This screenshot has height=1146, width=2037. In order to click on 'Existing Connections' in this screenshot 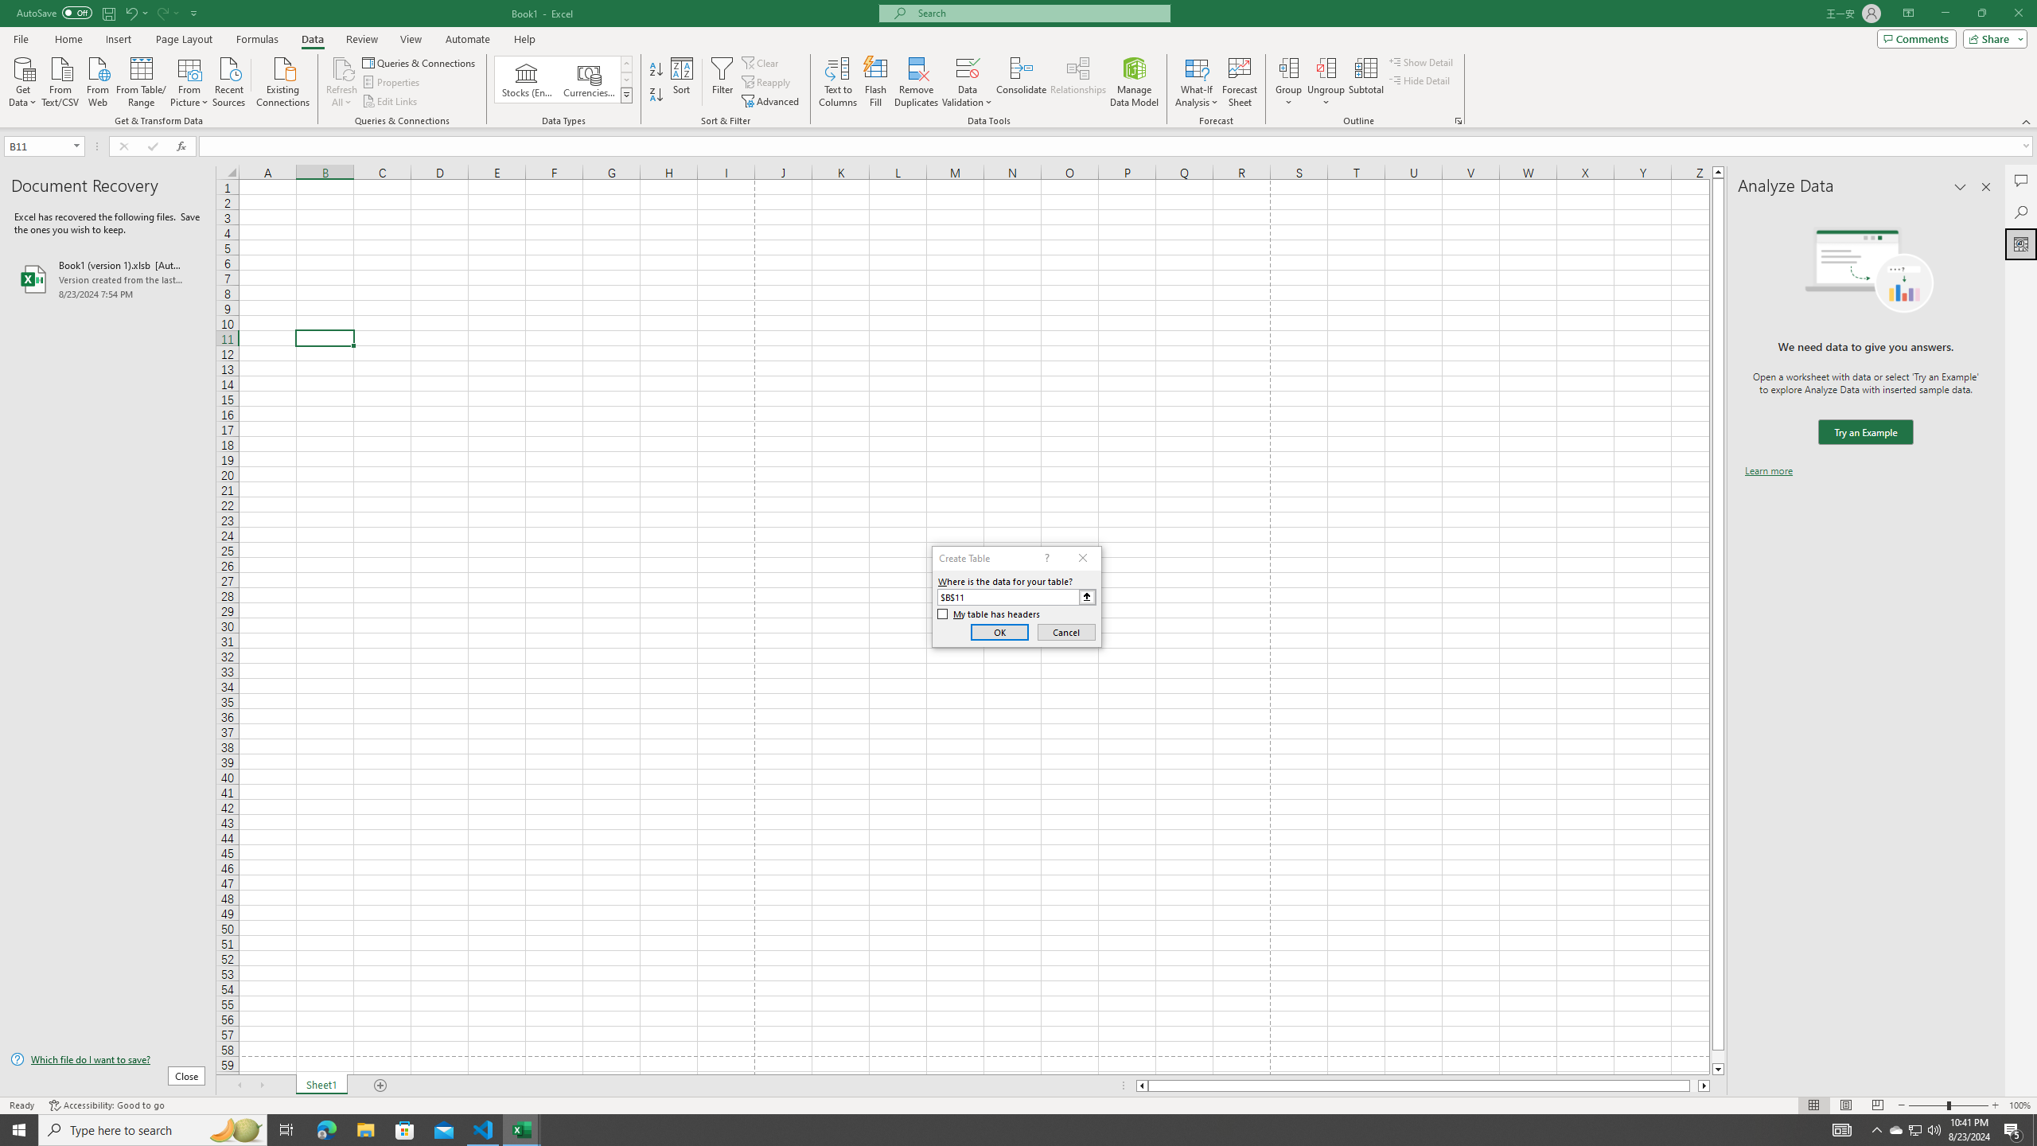, I will do `click(282, 80)`.